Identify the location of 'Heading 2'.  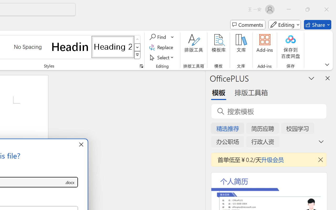
(113, 46).